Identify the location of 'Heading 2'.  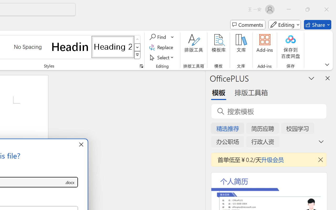
(113, 46).